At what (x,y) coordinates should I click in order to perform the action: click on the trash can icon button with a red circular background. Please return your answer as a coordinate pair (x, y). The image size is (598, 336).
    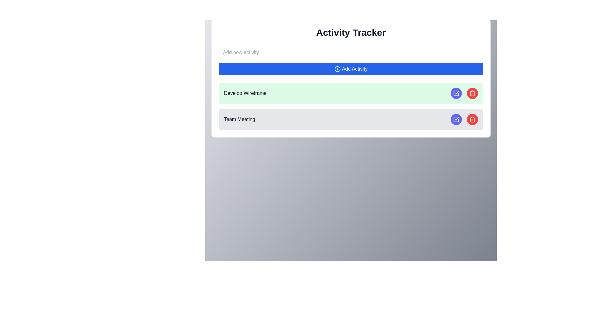
    Looking at the image, I should click on (472, 93).